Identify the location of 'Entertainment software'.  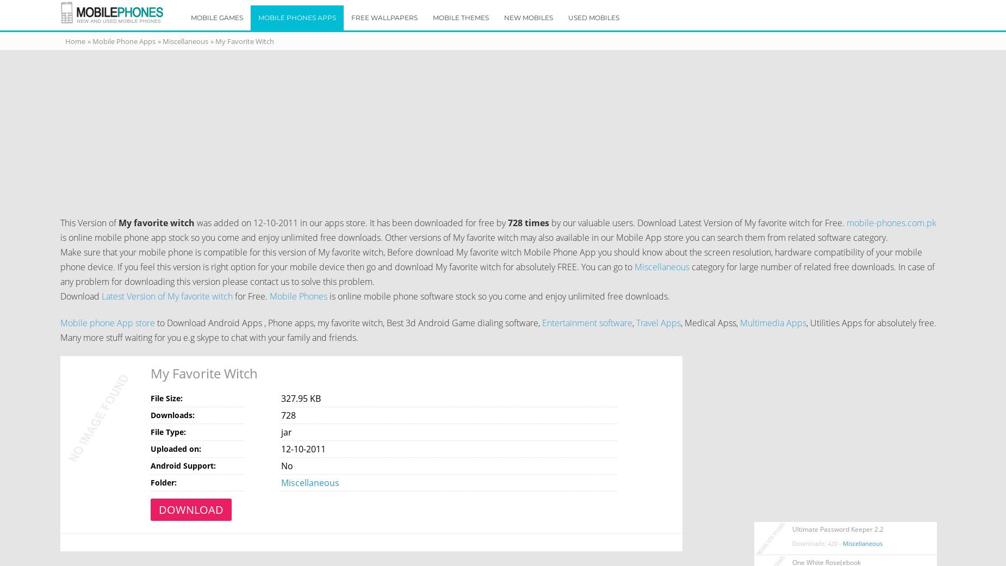
(587, 322).